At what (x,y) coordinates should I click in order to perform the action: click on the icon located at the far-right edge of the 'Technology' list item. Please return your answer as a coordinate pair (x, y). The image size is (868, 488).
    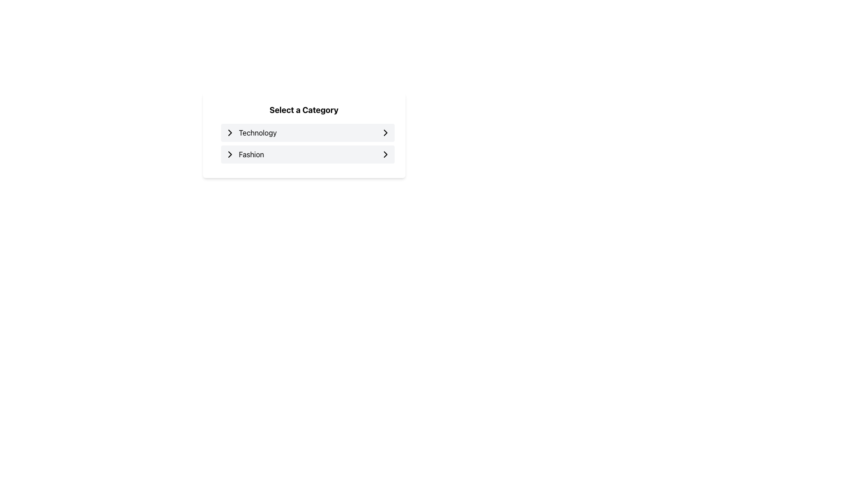
    Looking at the image, I should click on (385, 132).